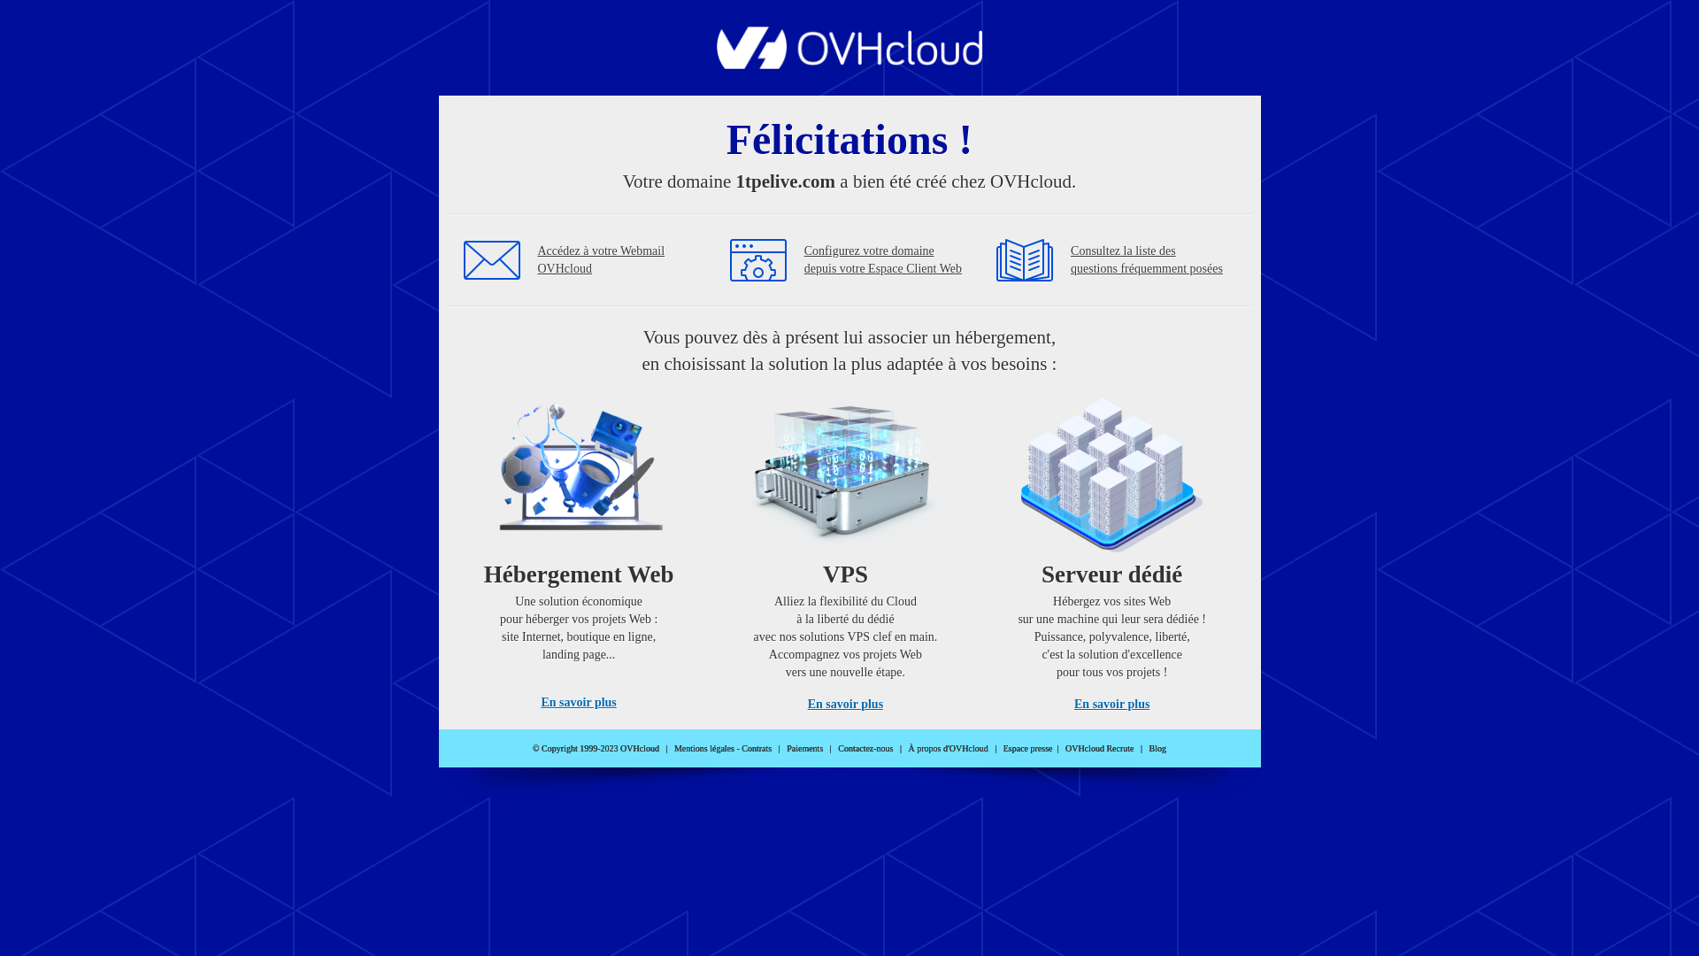  I want to click on 'En savoir plus', so click(1111, 703).